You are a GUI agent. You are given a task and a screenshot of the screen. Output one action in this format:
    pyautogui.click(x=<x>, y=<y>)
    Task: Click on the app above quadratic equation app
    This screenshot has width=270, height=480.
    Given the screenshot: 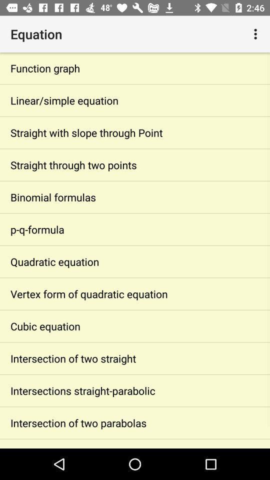 What is the action you would take?
    pyautogui.click(x=135, y=229)
    